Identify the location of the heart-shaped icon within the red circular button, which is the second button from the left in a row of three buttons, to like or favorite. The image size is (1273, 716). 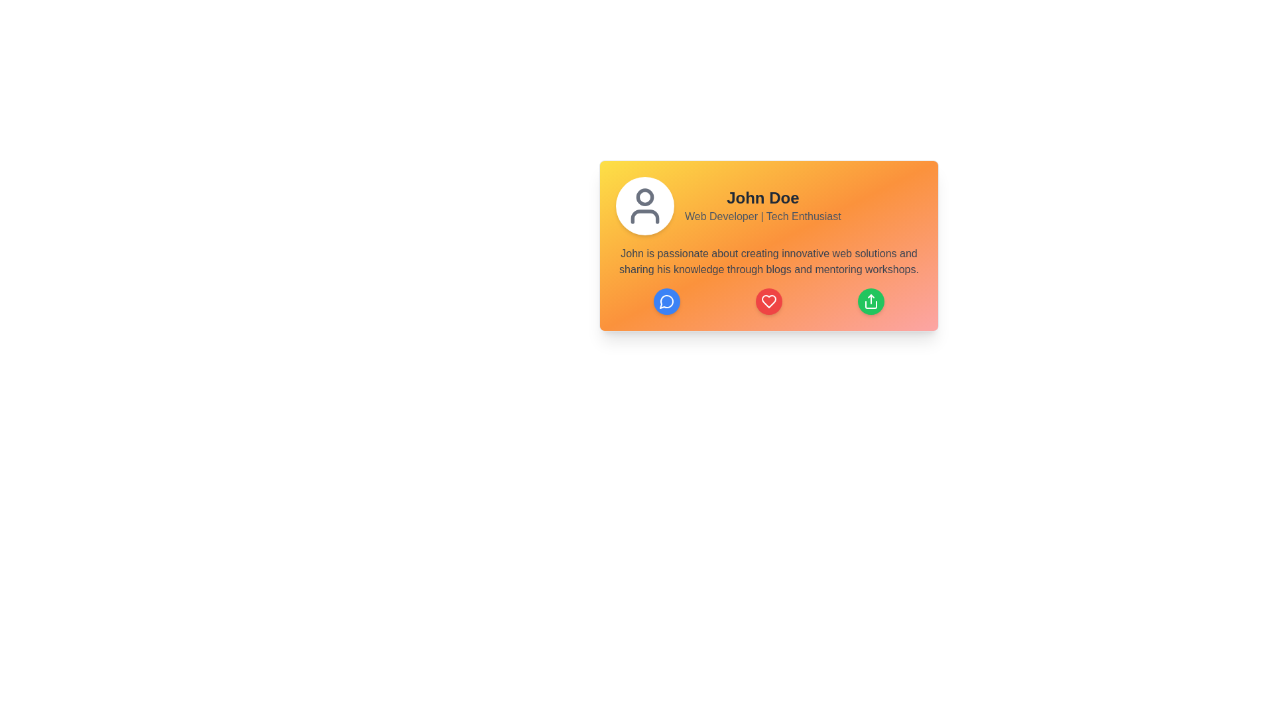
(769, 302).